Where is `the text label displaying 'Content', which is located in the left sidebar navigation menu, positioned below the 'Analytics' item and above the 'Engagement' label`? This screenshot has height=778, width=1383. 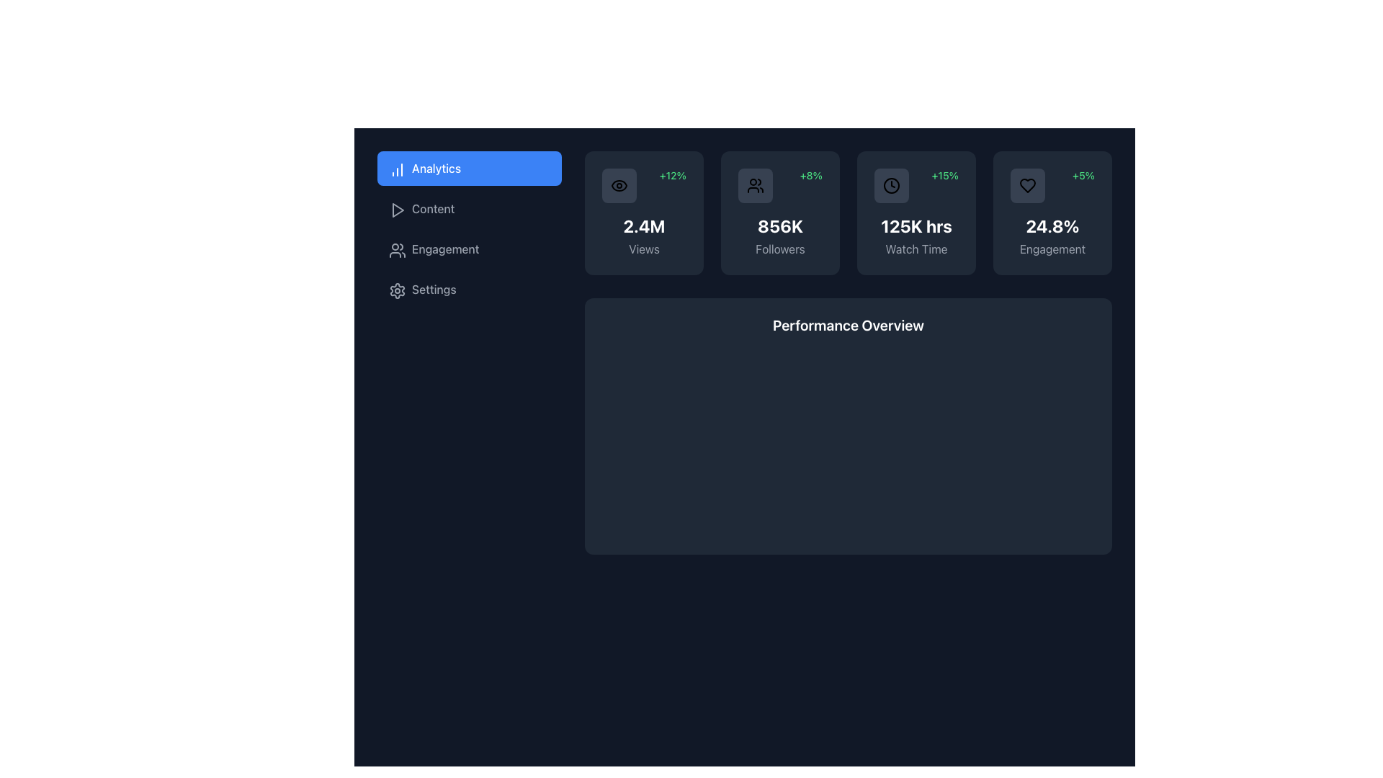
the text label displaying 'Content', which is located in the left sidebar navigation menu, positioned below the 'Analytics' item and above the 'Engagement' label is located at coordinates (432, 208).